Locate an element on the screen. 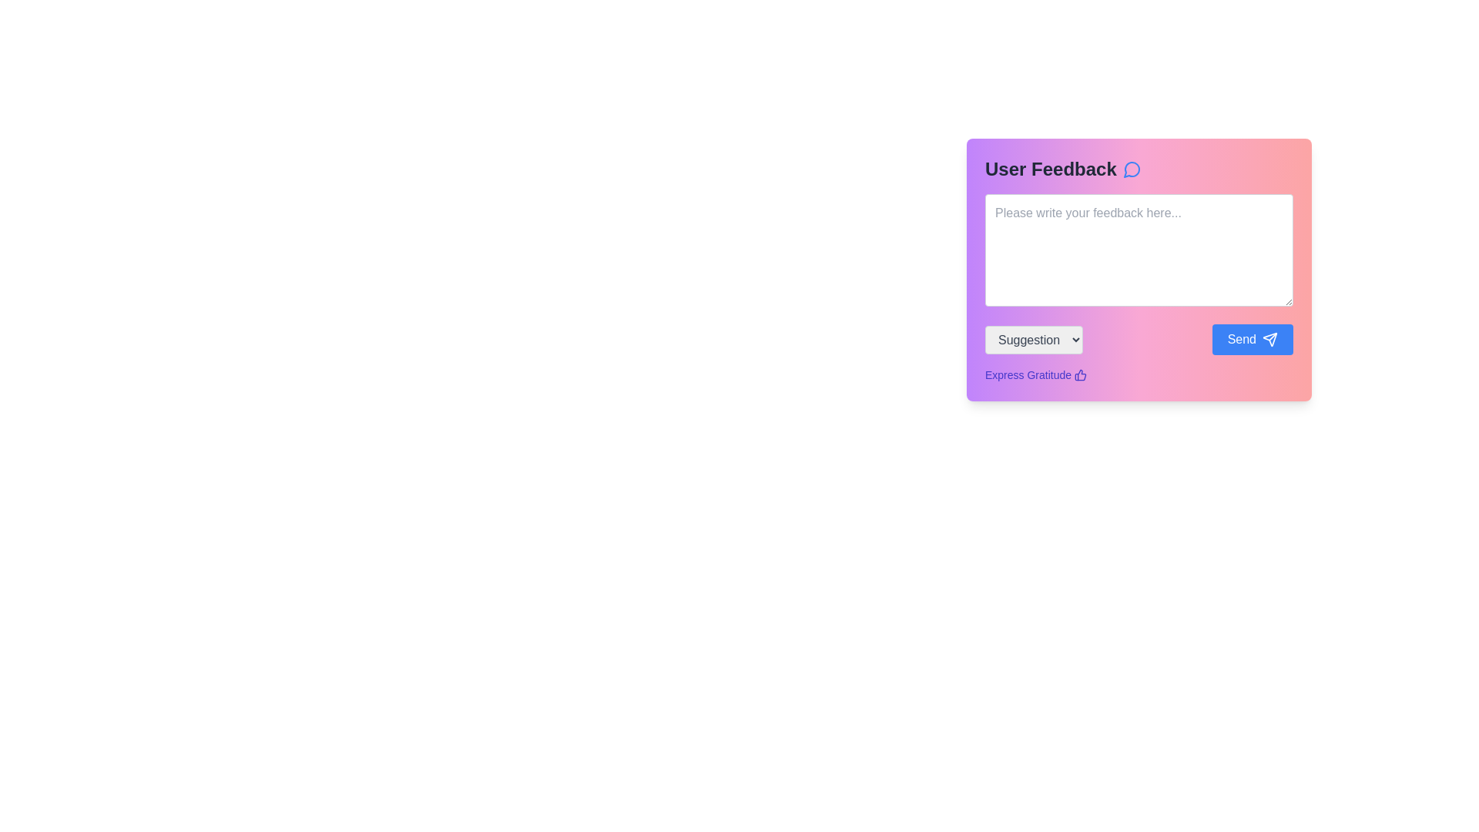 Image resolution: width=1479 pixels, height=832 pixels. the thumbs-up icon representing approval located towards the bottom-right portion of the feedback form to register approval is located at coordinates (1079, 374).